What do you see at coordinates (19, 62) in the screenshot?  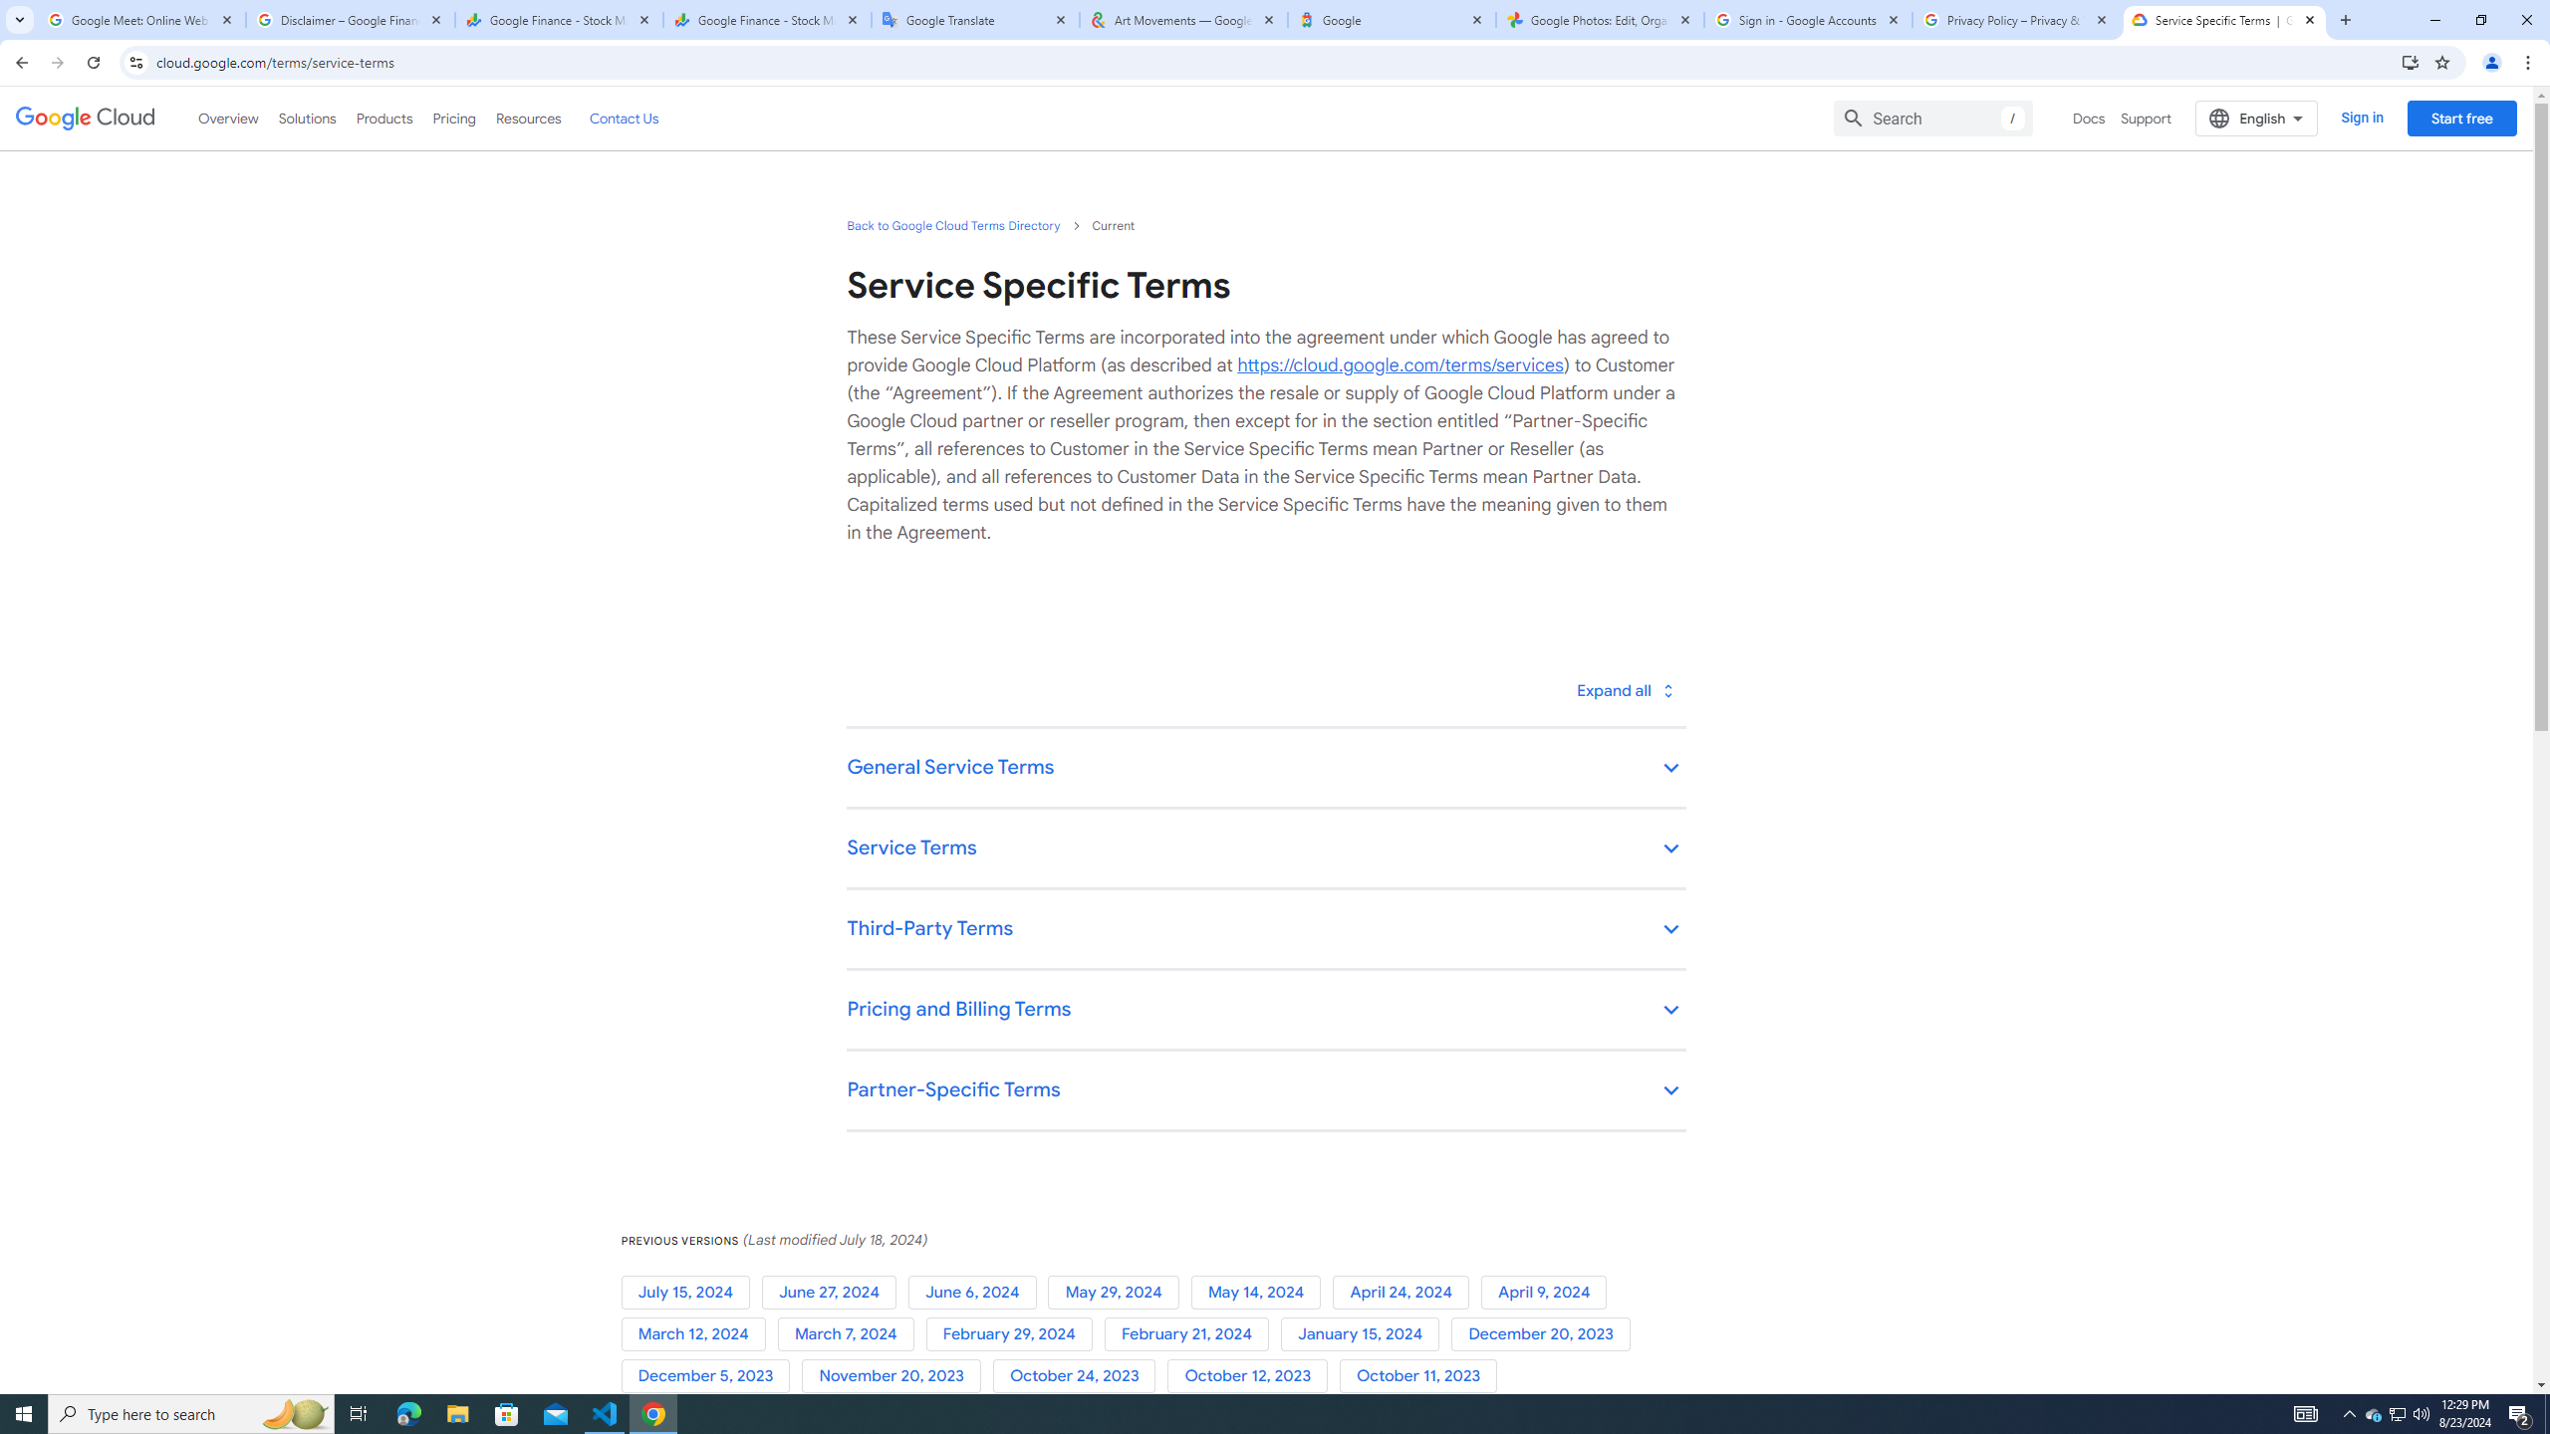 I see `'Back'` at bounding box center [19, 62].